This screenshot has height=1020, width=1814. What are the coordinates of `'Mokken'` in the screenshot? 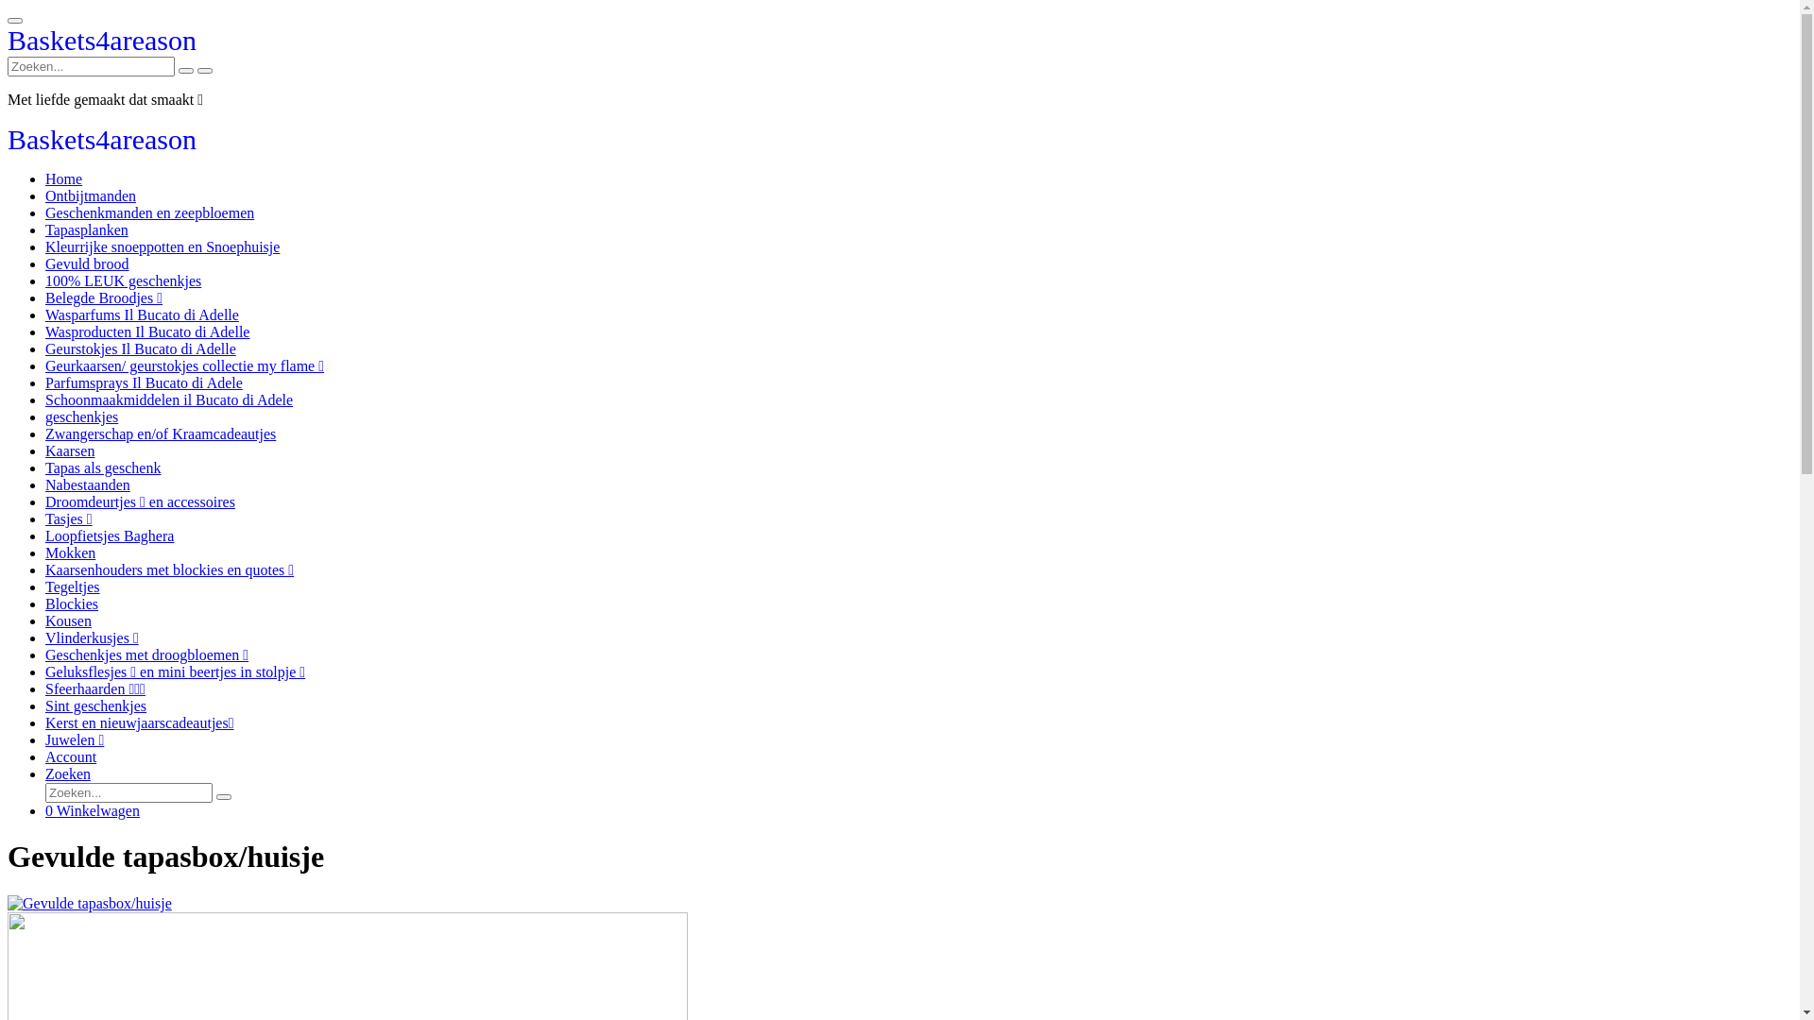 It's located at (70, 552).